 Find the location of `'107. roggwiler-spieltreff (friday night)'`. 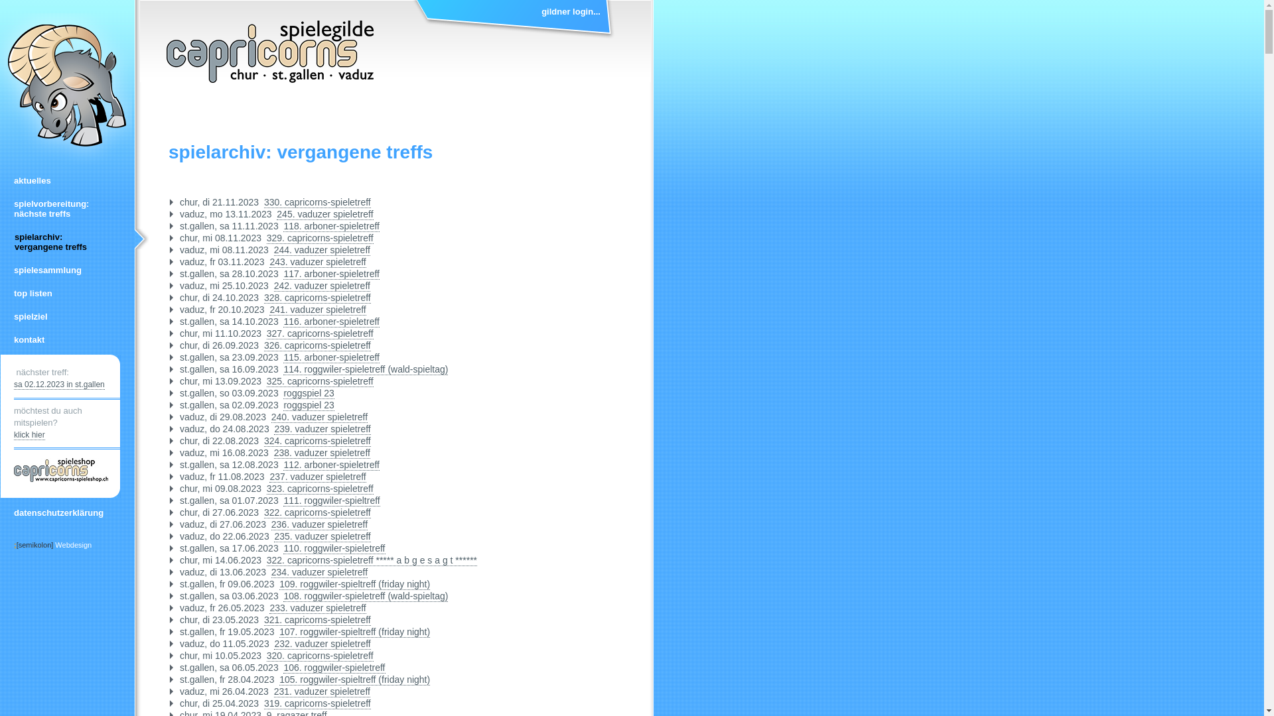

'107. roggwiler-spieltreff (friday night)' is located at coordinates (354, 631).